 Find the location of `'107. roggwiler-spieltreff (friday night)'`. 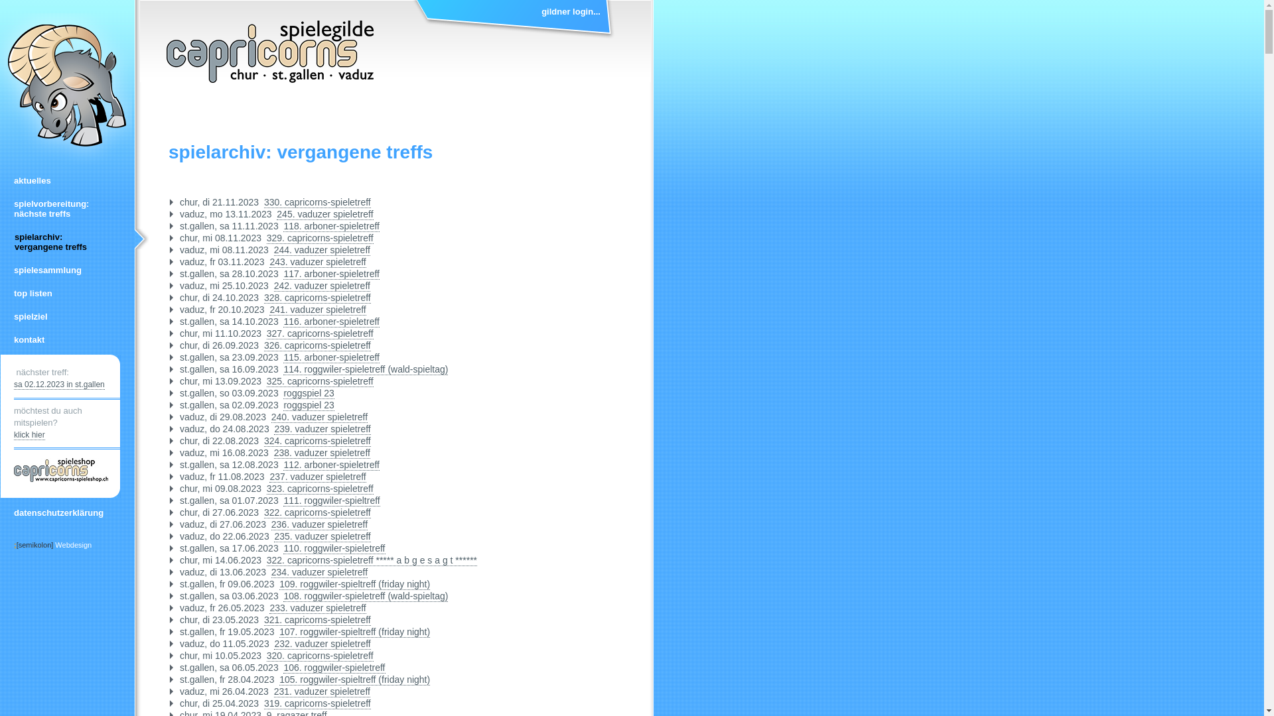

'107. roggwiler-spieltreff (friday night)' is located at coordinates (354, 631).